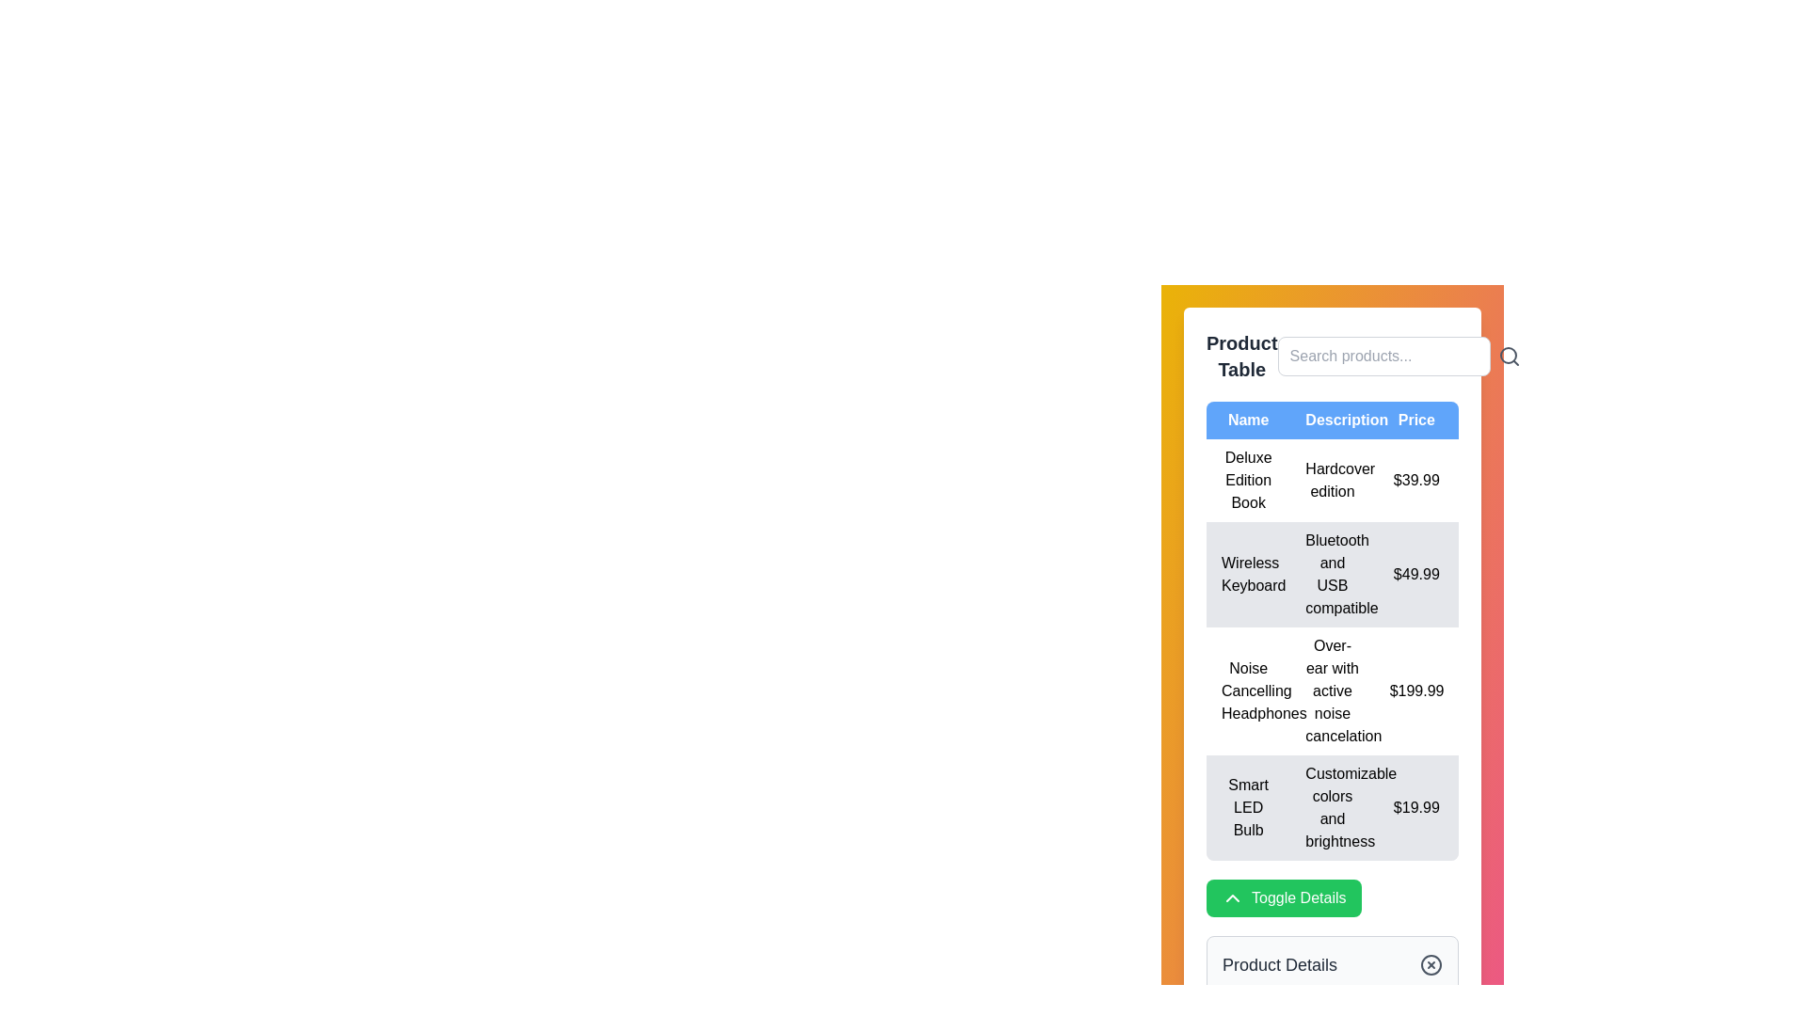  Describe the element at coordinates (1332, 356) in the screenshot. I see `the text input field located in the top right corner of the header area, adjacent to the 'Product Table' text` at that location.